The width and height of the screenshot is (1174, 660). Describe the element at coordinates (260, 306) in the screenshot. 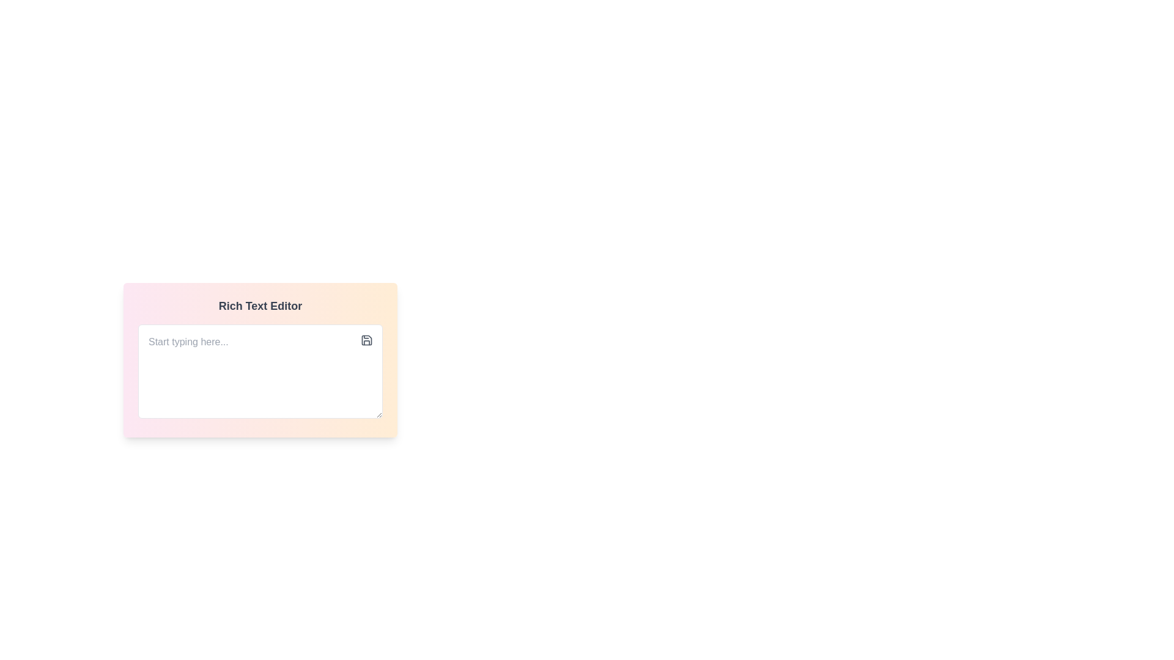

I see `the top-center label of the interface` at that location.